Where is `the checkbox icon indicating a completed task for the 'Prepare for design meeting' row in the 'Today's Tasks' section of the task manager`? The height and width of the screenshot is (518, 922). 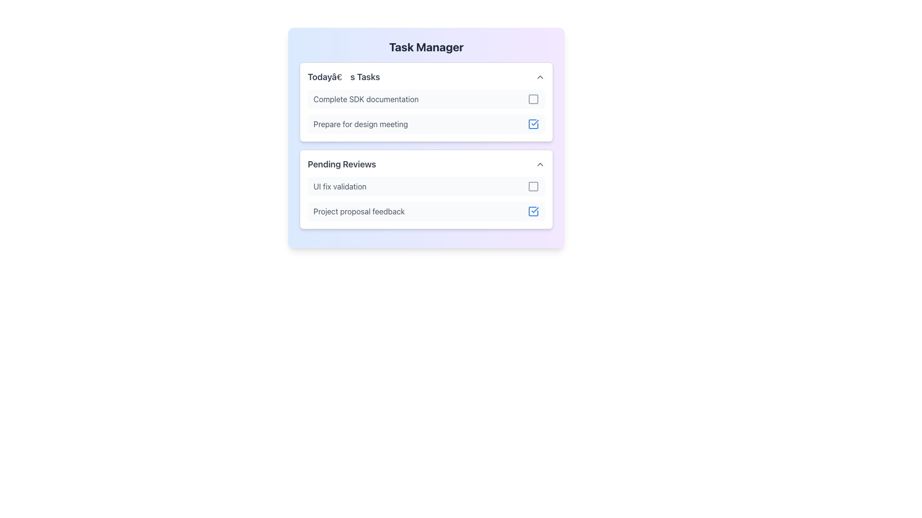
the checkbox icon indicating a completed task for the 'Prepare for design meeting' row in the 'Today's Tasks' section of the task manager is located at coordinates (533, 123).